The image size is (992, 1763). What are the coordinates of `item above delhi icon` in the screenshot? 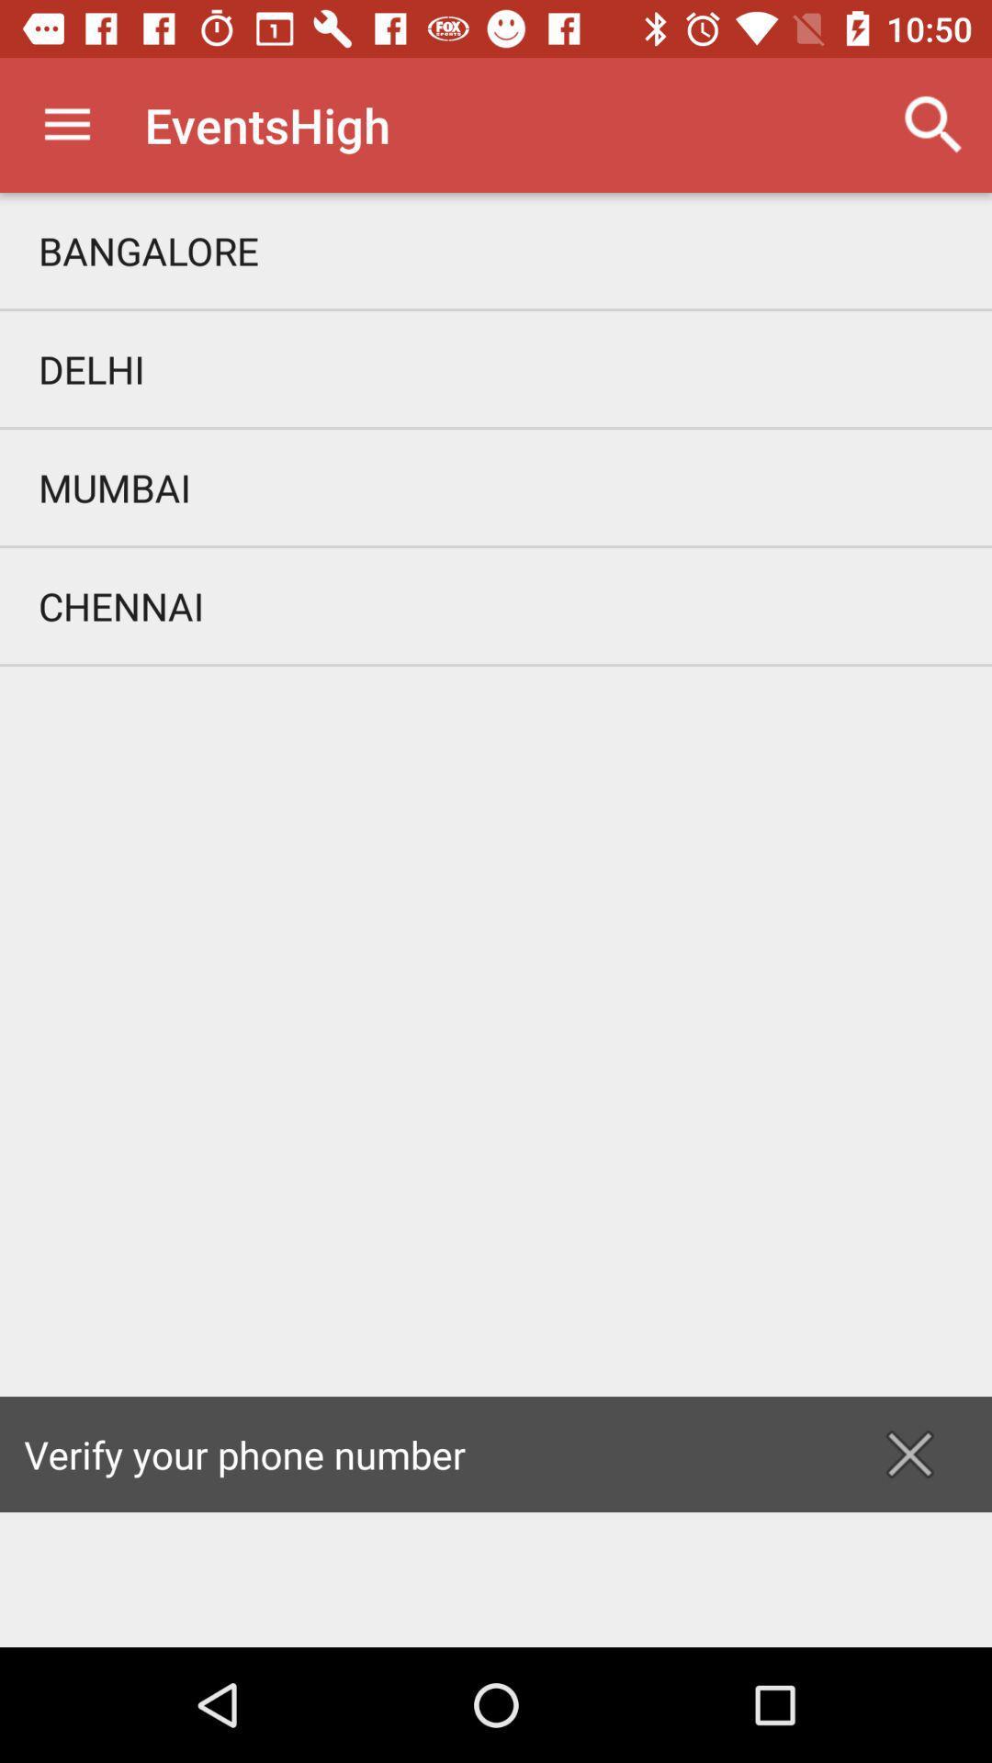 It's located at (496, 250).